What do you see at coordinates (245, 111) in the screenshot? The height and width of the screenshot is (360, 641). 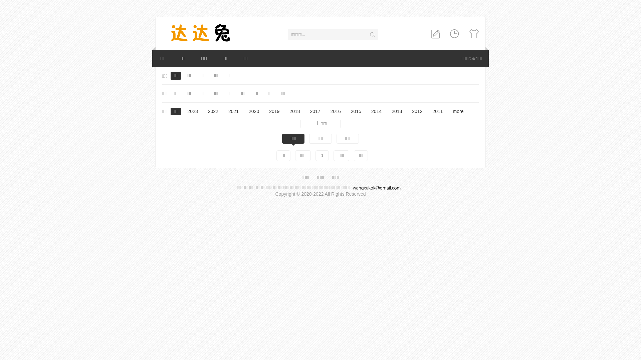 I see `'2020'` at bounding box center [245, 111].